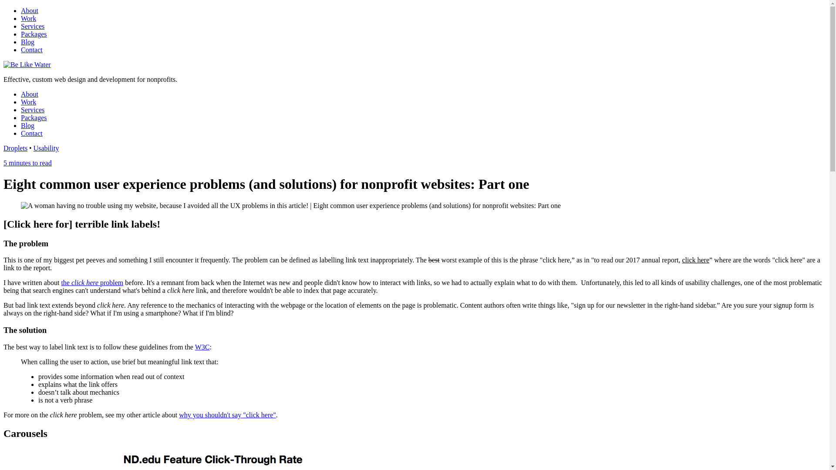  What do you see at coordinates (29, 10) in the screenshot?
I see `'About'` at bounding box center [29, 10].